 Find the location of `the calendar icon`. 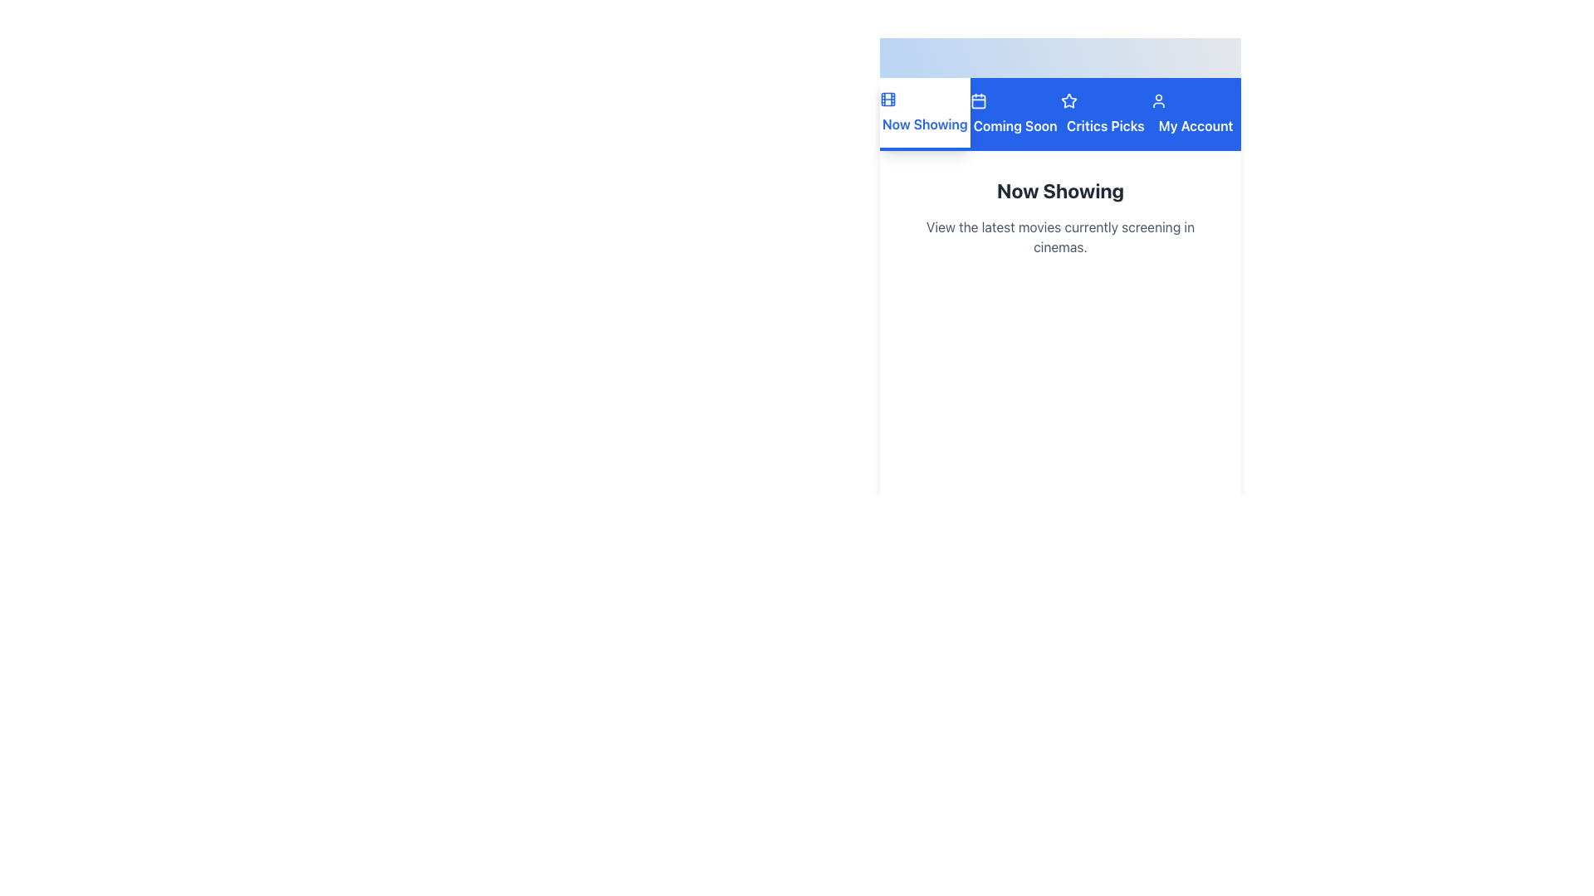

the calendar icon is located at coordinates (978, 101).